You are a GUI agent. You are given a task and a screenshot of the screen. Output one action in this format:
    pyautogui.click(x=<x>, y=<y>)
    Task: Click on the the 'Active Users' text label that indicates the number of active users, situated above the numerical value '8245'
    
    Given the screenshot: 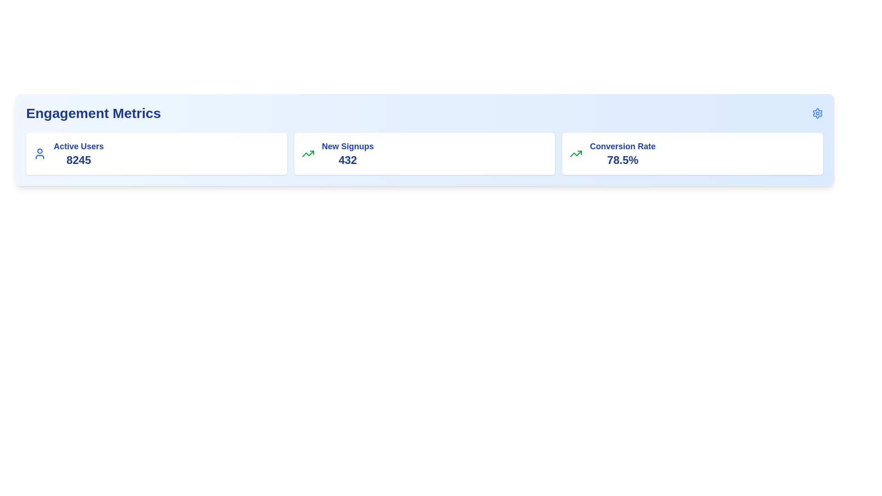 What is the action you would take?
    pyautogui.click(x=79, y=146)
    